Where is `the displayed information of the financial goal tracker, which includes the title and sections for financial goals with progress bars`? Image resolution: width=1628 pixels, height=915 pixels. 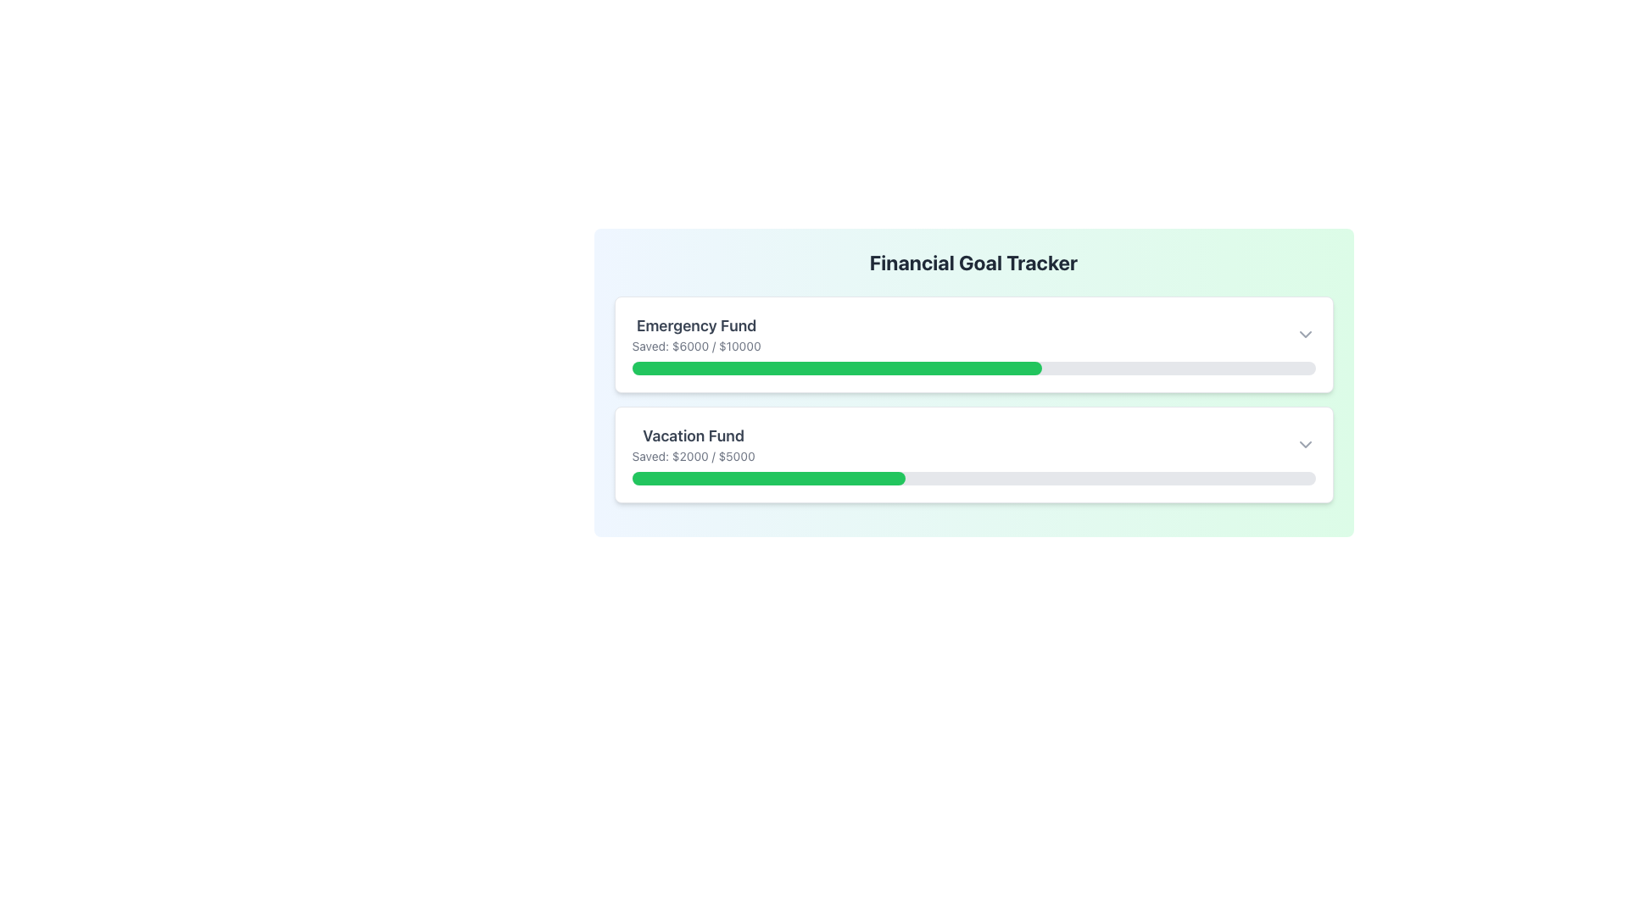 the displayed information of the financial goal tracker, which includes the title and sections for financial goals with progress bars is located at coordinates (973, 382).